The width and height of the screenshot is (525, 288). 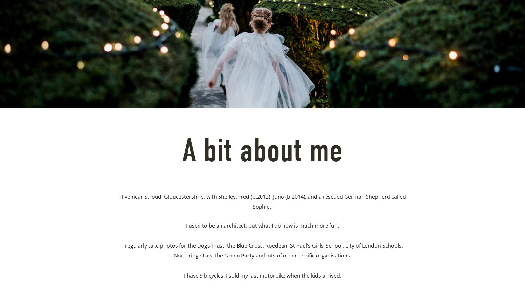 I want to click on 'I used to be an architect, but what I do now is much more fun.', so click(x=262, y=225).